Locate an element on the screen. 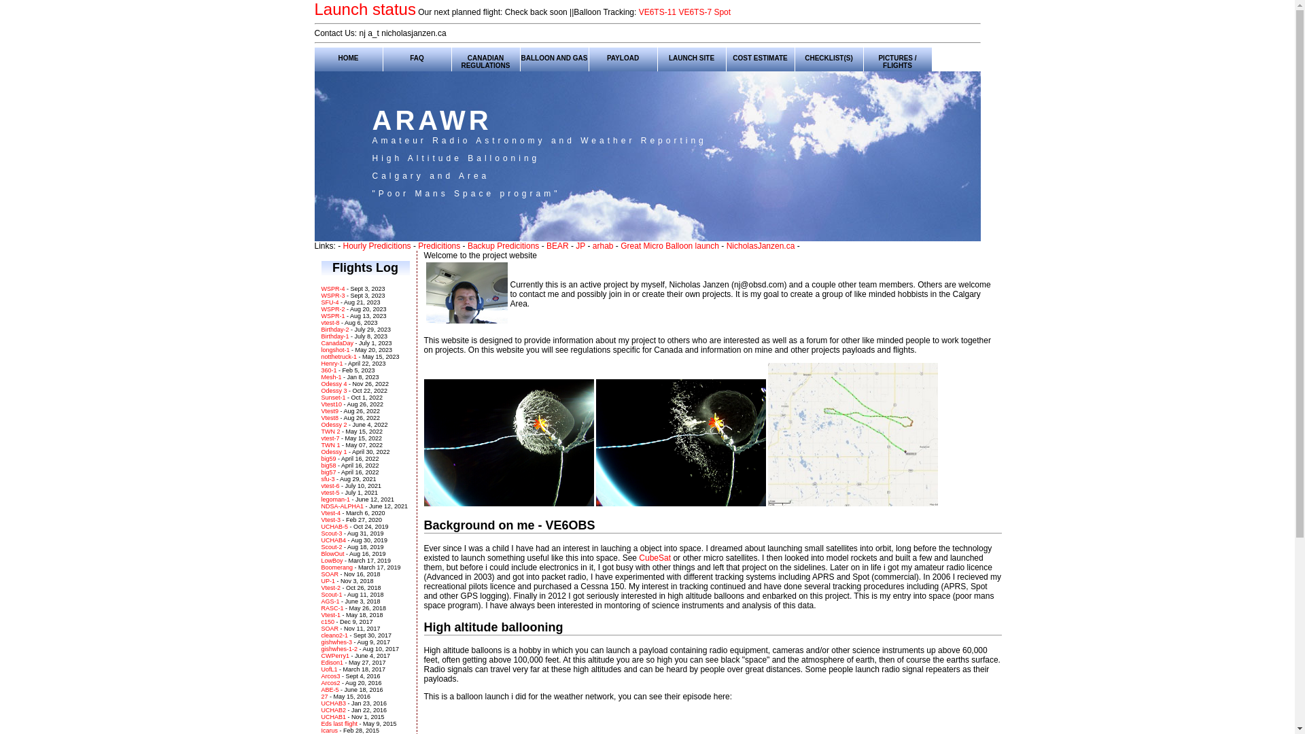 The width and height of the screenshot is (1305, 734). 'Odessy 1' is located at coordinates (333, 451).